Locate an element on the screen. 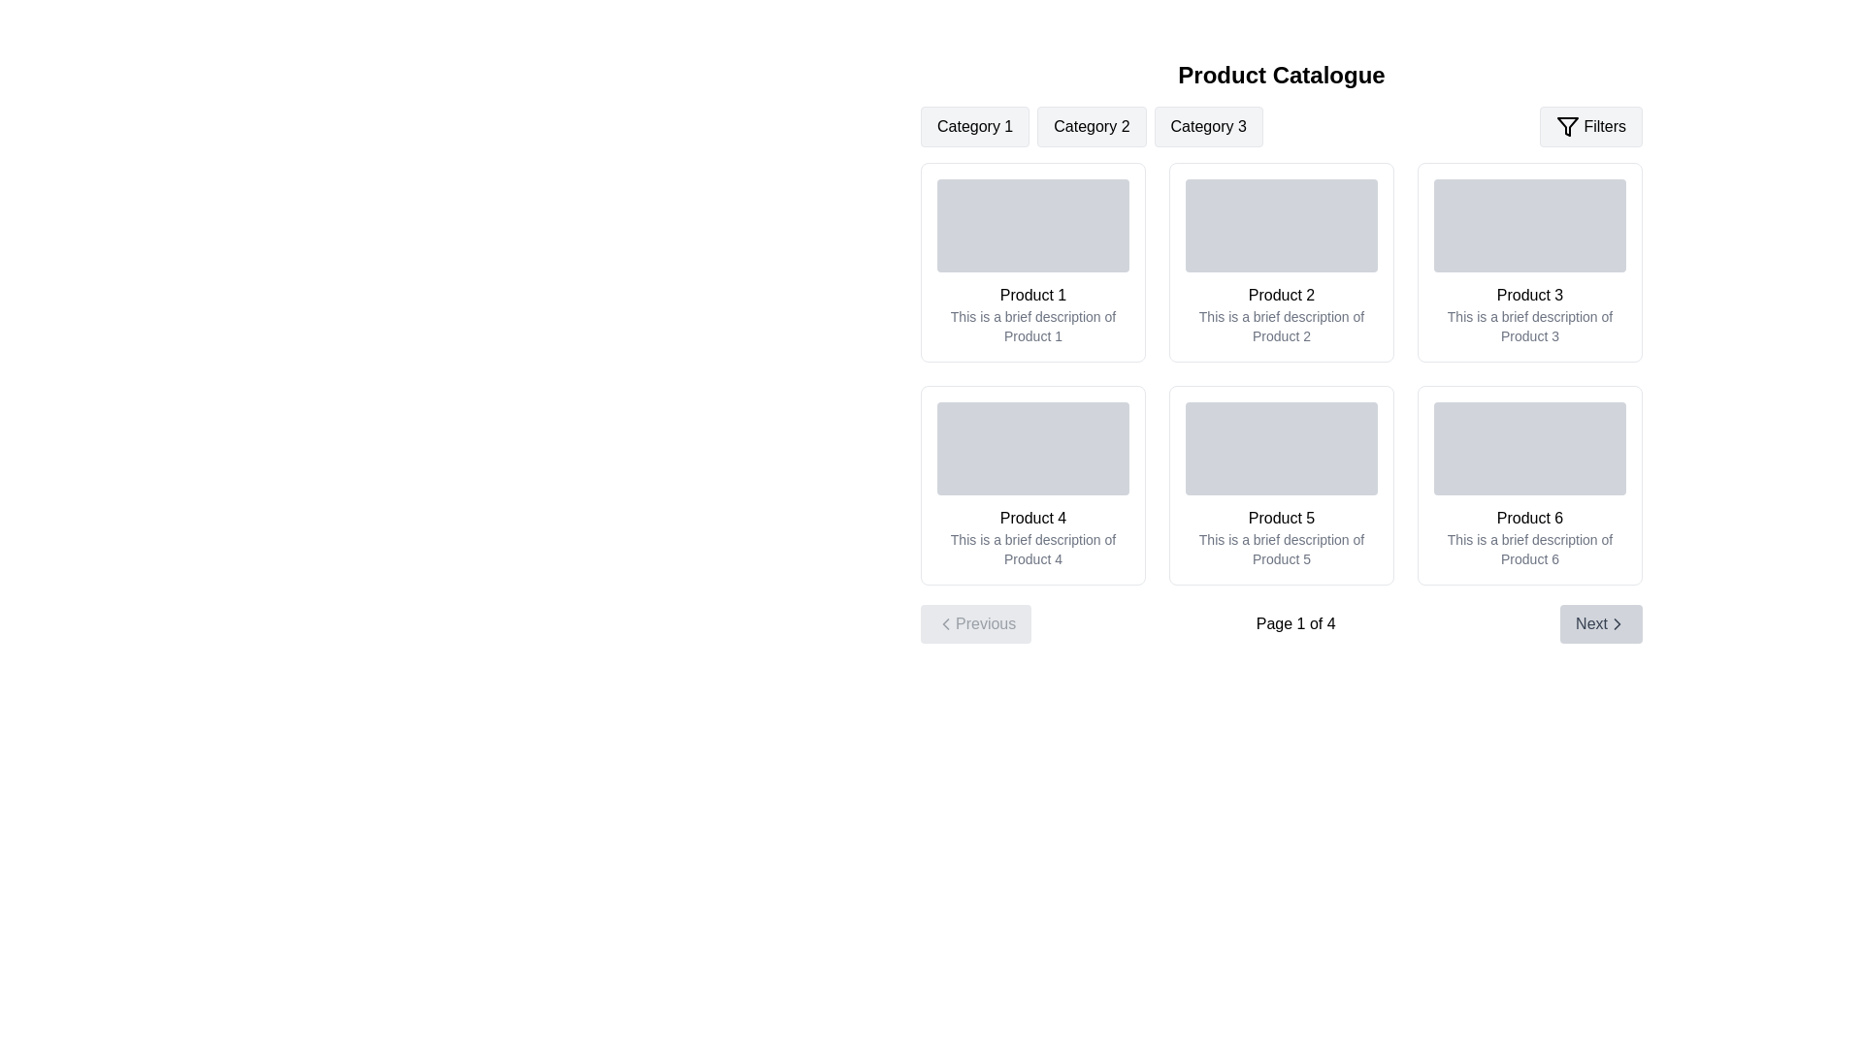 The width and height of the screenshot is (1863, 1047). the textual description element located at the bottom section of the card labeled 'Product 4', positioned directly below its title in the grid layout is located at coordinates (1032, 550).